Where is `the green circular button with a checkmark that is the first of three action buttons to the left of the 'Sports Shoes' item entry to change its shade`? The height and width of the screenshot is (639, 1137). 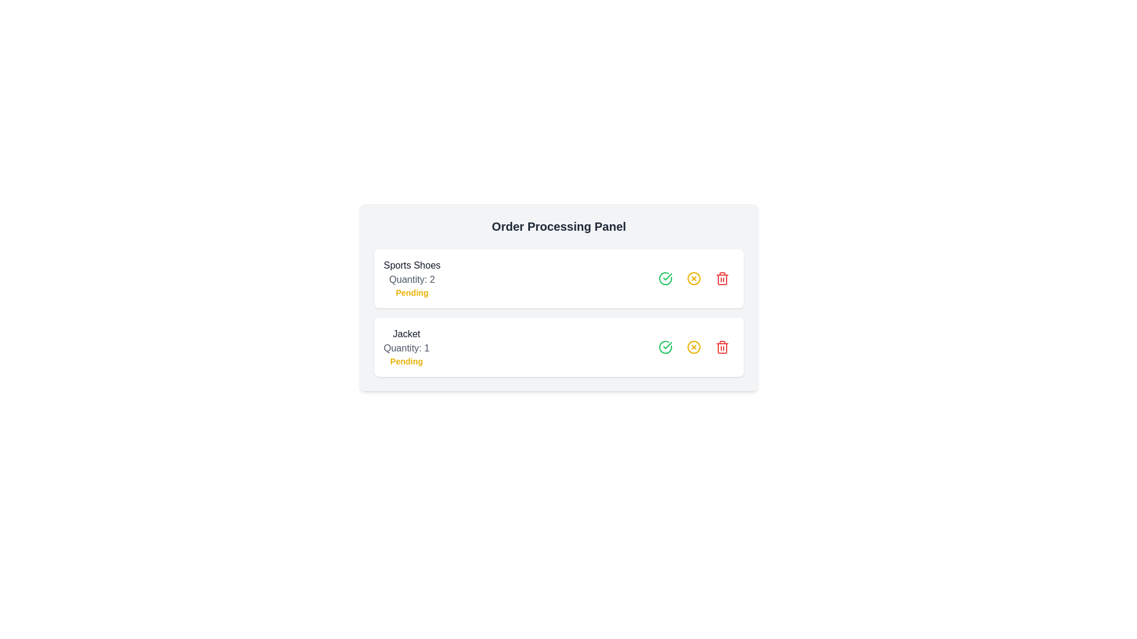
the green circular button with a checkmark that is the first of three action buttons to the left of the 'Sports Shoes' item entry to change its shade is located at coordinates (665, 278).